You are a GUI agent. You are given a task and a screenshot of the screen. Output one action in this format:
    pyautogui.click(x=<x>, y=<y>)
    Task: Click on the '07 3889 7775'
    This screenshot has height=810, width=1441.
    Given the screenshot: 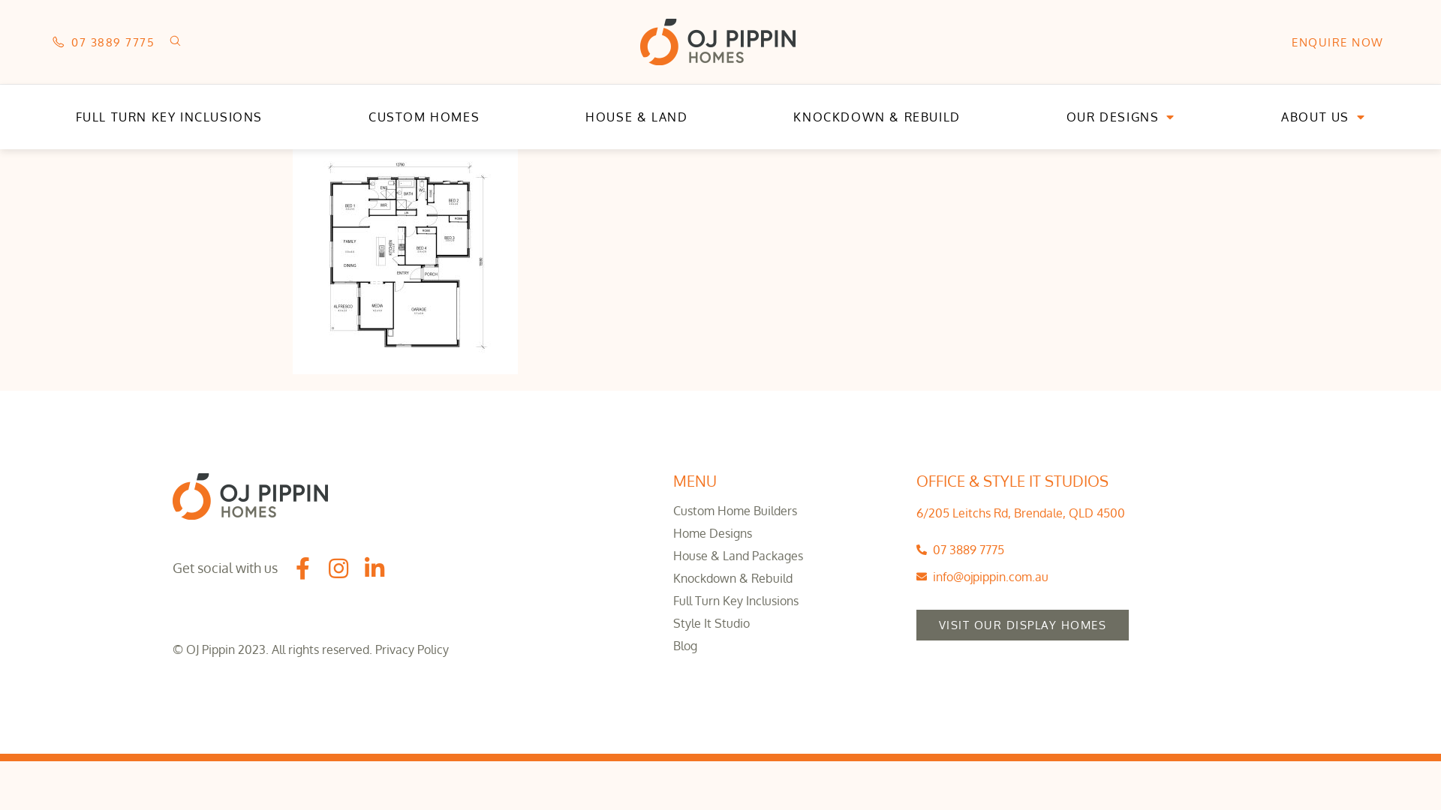 What is the action you would take?
    pyautogui.click(x=103, y=40)
    